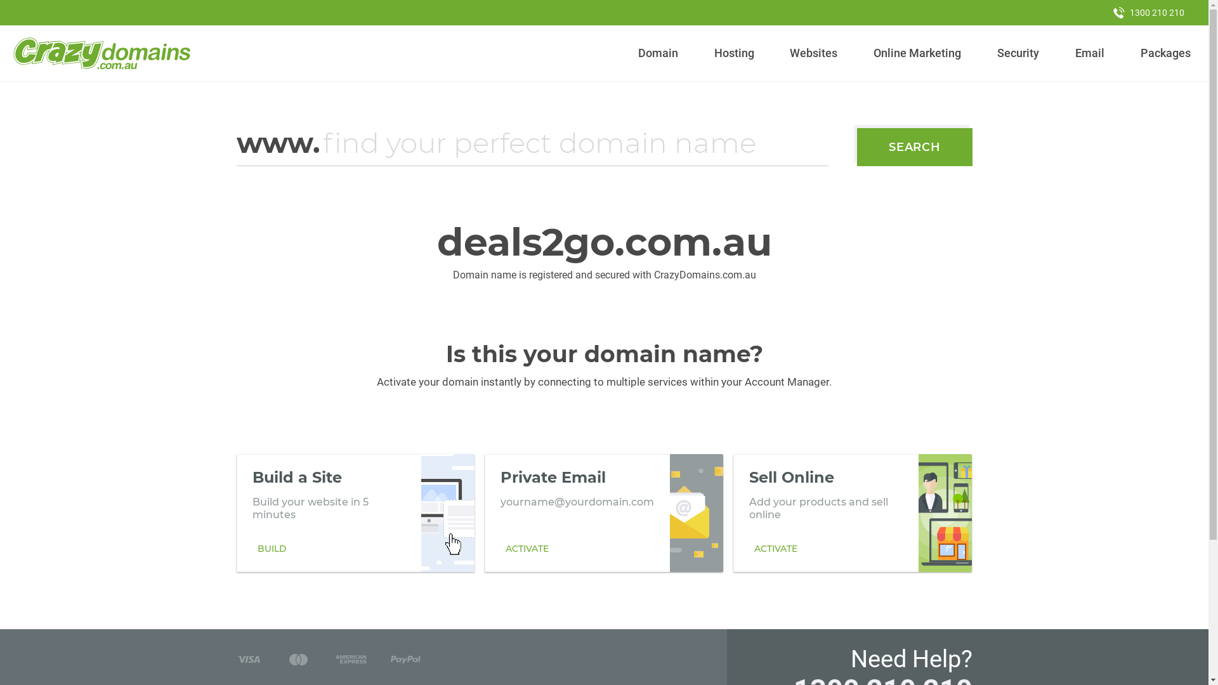 The width and height of the screenshot is (1218, 685). I want to click on 'Security', so click(1018, 53).